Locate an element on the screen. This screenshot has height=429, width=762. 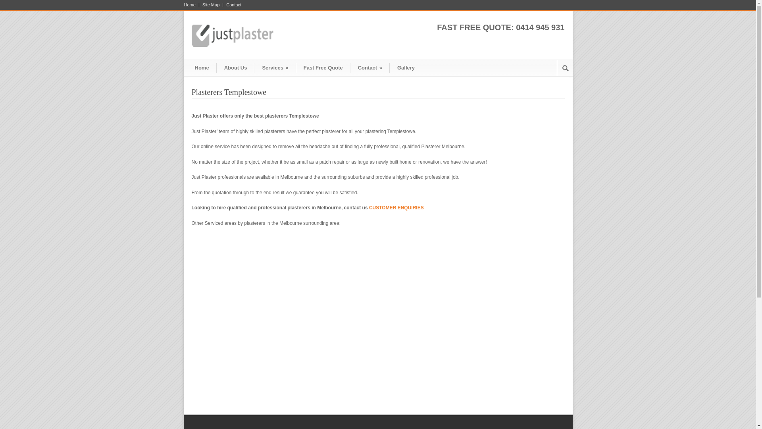
'Home' is located at coordinates (202, 67).